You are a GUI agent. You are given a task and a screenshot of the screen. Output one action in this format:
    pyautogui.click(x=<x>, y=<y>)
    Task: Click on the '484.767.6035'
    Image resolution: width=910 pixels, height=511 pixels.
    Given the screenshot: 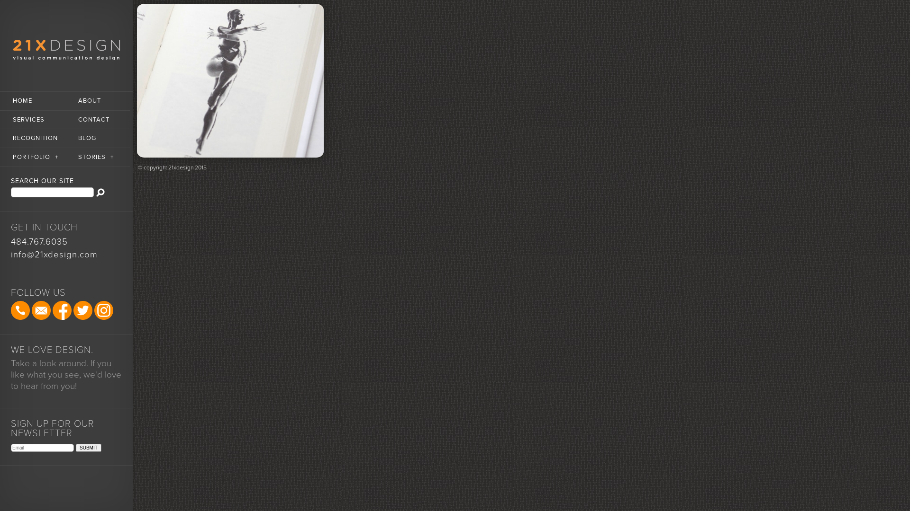 What is the action you would take?
    pyautogui.click(x=38, y=241)
    